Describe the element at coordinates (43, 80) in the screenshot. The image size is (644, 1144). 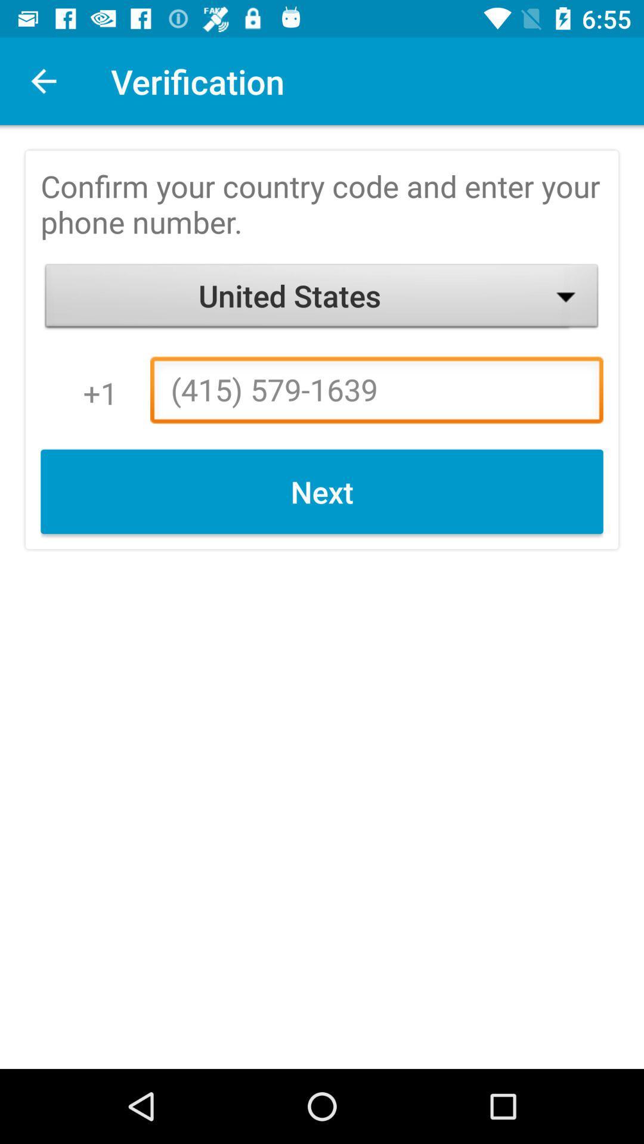
I see `app next to   verification icon` at that location.